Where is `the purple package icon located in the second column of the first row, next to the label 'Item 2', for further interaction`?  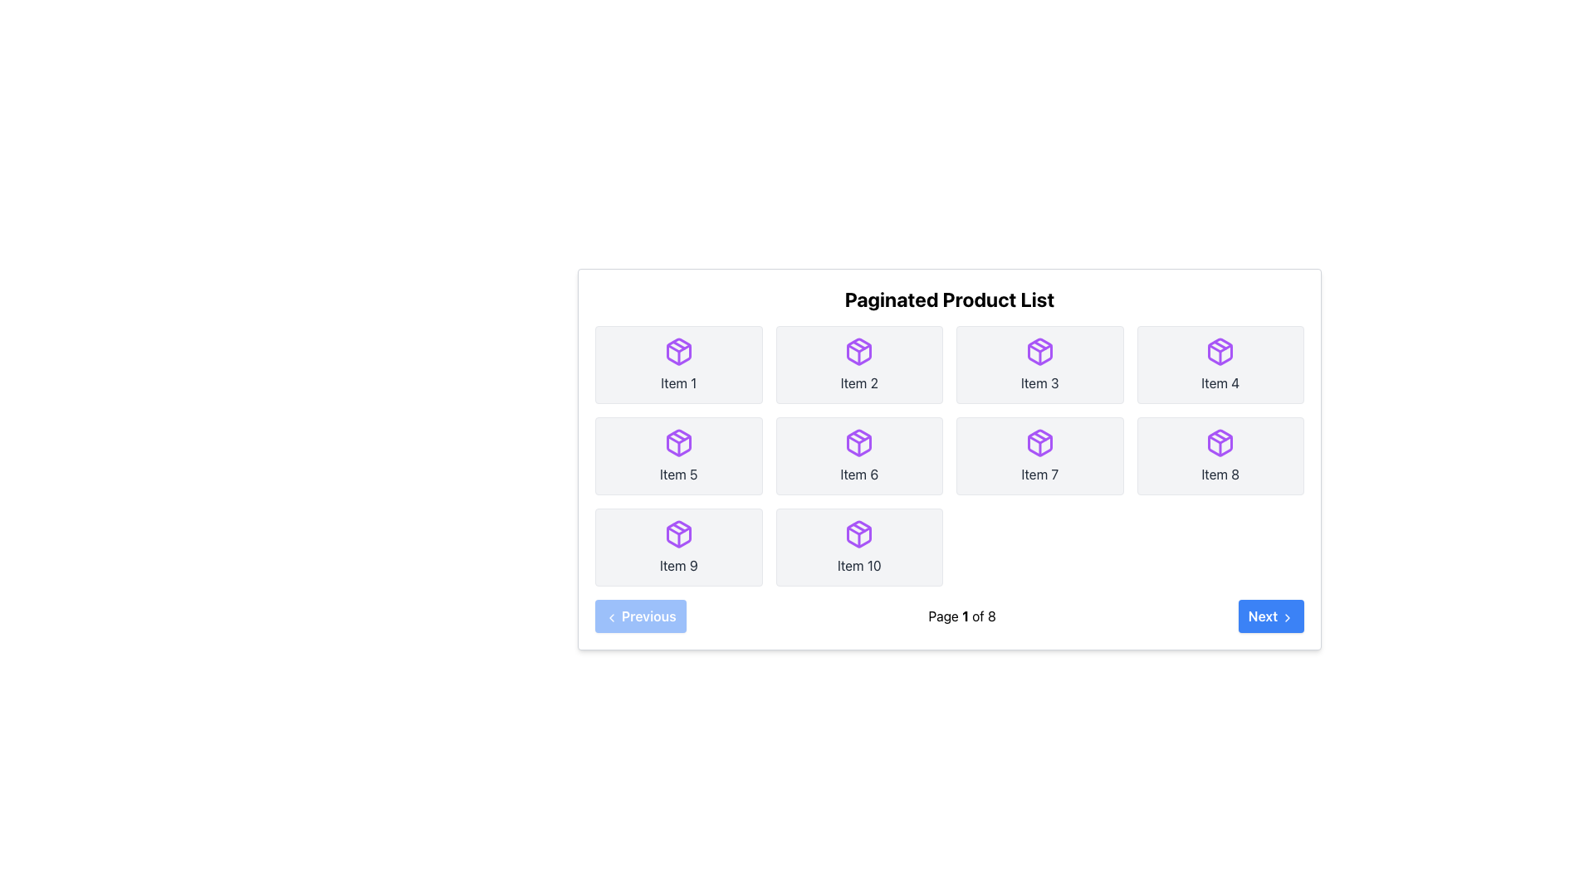
the purple package icon located in the second column of the first row, next to the label 'Item 2', for further interaction is located at coordinates (859, 351).